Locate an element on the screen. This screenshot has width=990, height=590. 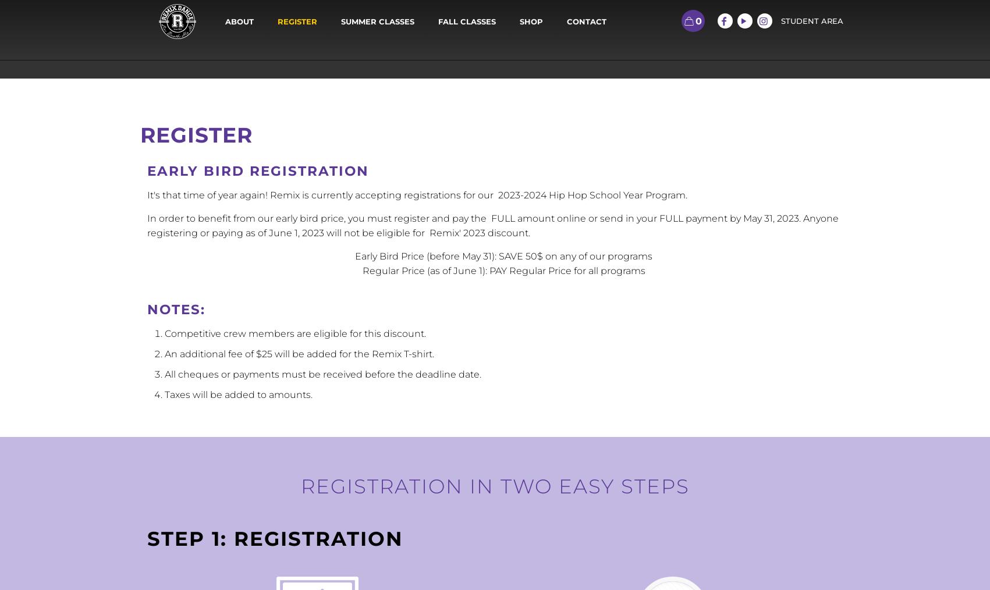
'Register' is located at coordinates (196, 134).